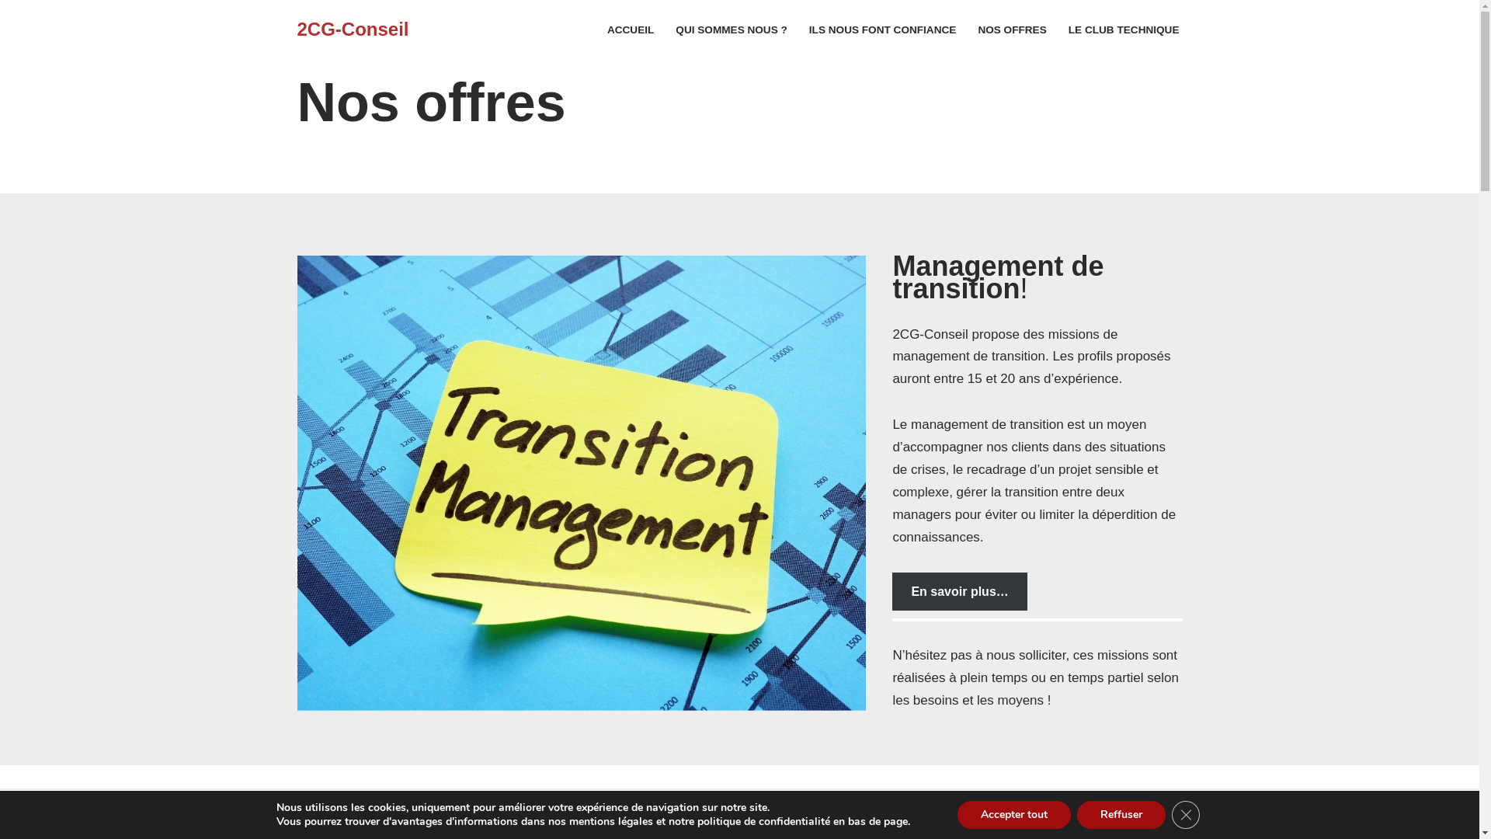  What do you see at coordinates (630, 30) in the screenshot?
I see `'ACCUEIL'` at bounding box center [630, 30].